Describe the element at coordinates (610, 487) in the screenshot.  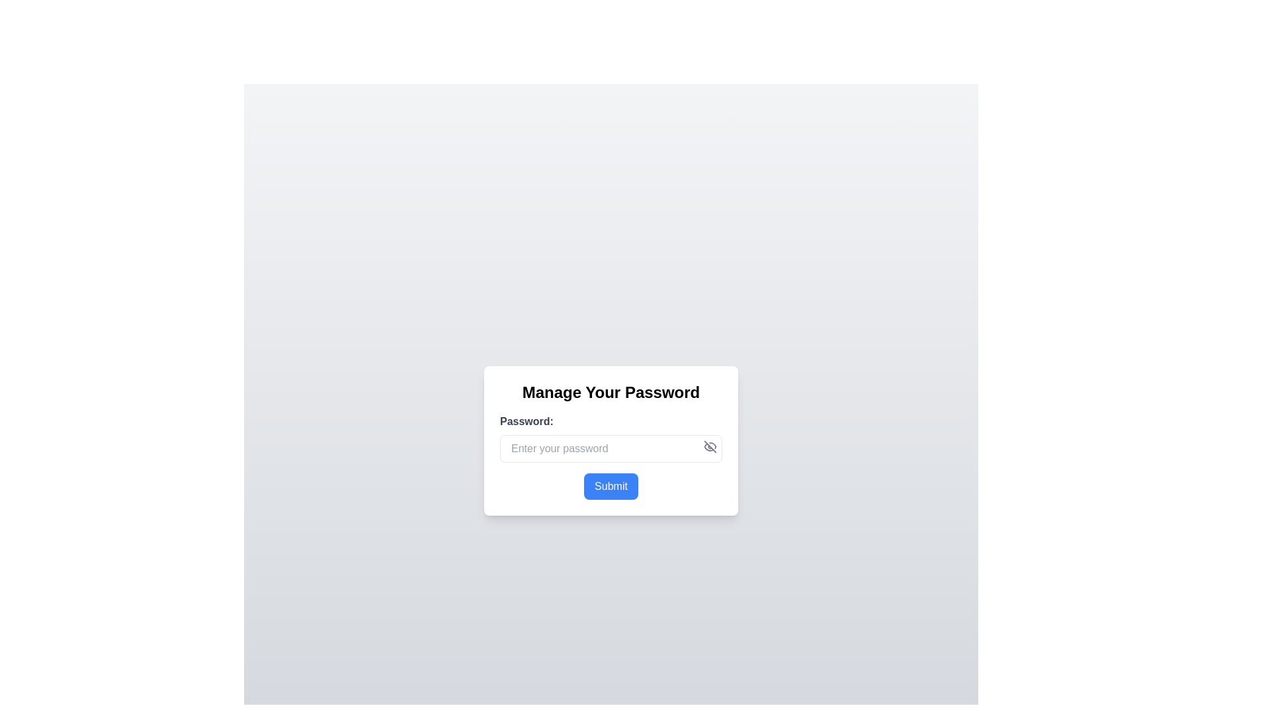
I see `the submit button located below the password input field in the centered dialog box` at that location.